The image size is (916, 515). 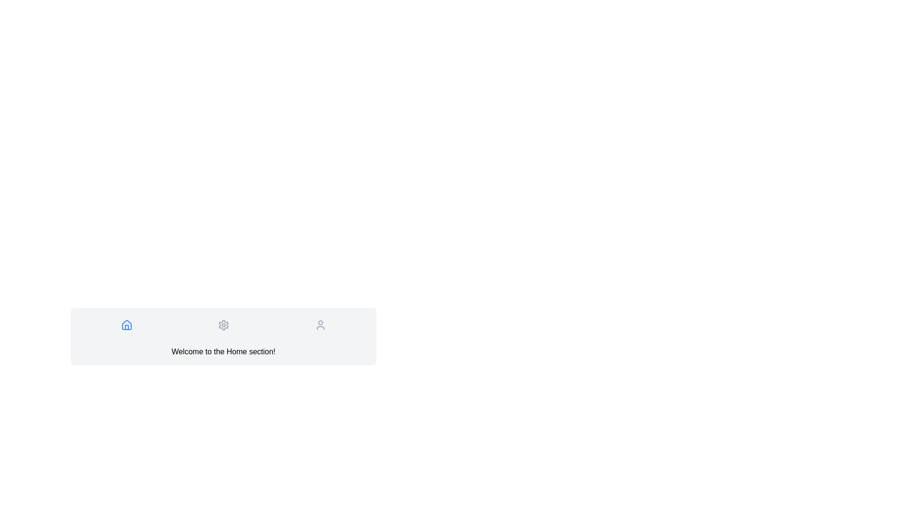 I want to click on the settings button located in the center of the horizontal navigation bar, so click(x=223, y=325).